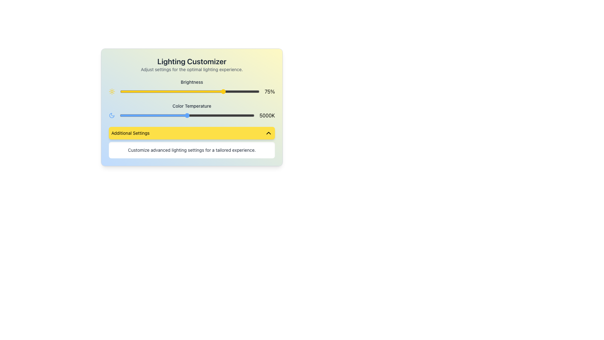  What do you see at coordinates (209, 91) in the screenshot?
I see `the brightness level` at bounding box center [209, 91].